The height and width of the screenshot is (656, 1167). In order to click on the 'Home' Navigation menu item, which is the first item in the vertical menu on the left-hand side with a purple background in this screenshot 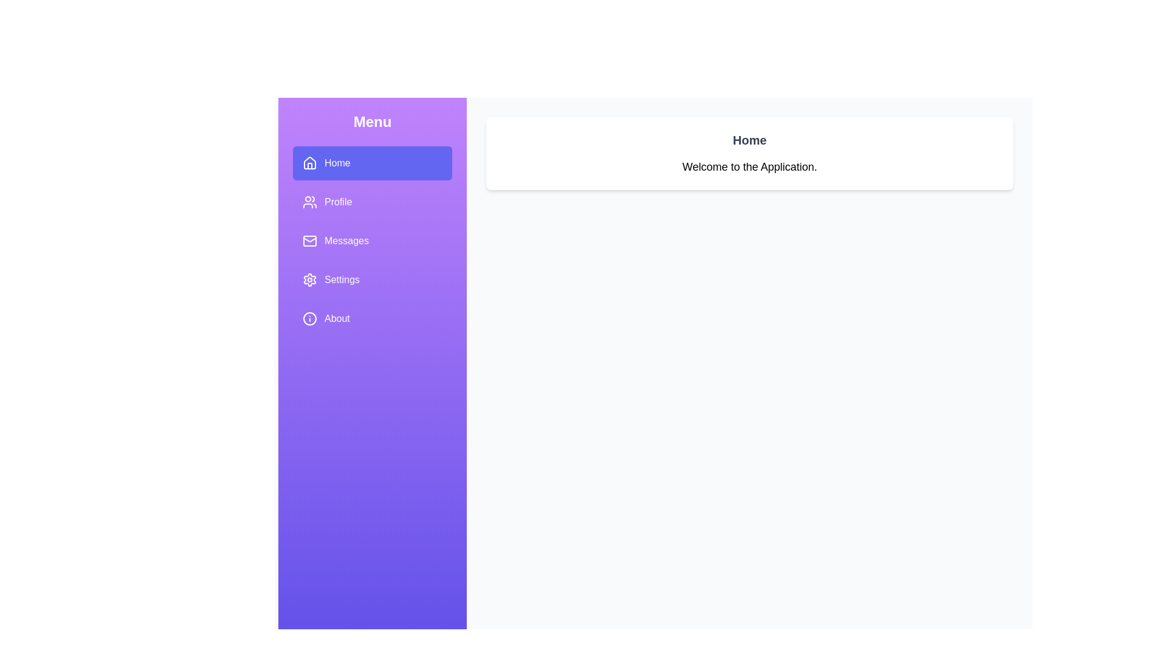, I will do `click(372, 163)`.